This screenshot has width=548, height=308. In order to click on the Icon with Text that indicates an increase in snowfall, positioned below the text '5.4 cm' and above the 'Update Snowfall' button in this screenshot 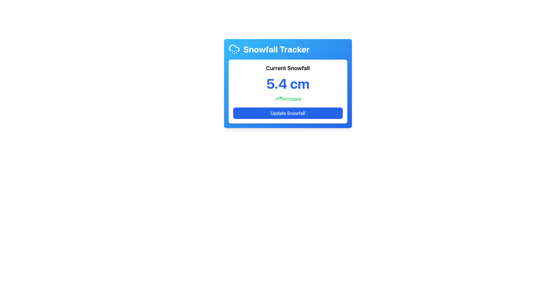, I will do `click(288, 99)`.